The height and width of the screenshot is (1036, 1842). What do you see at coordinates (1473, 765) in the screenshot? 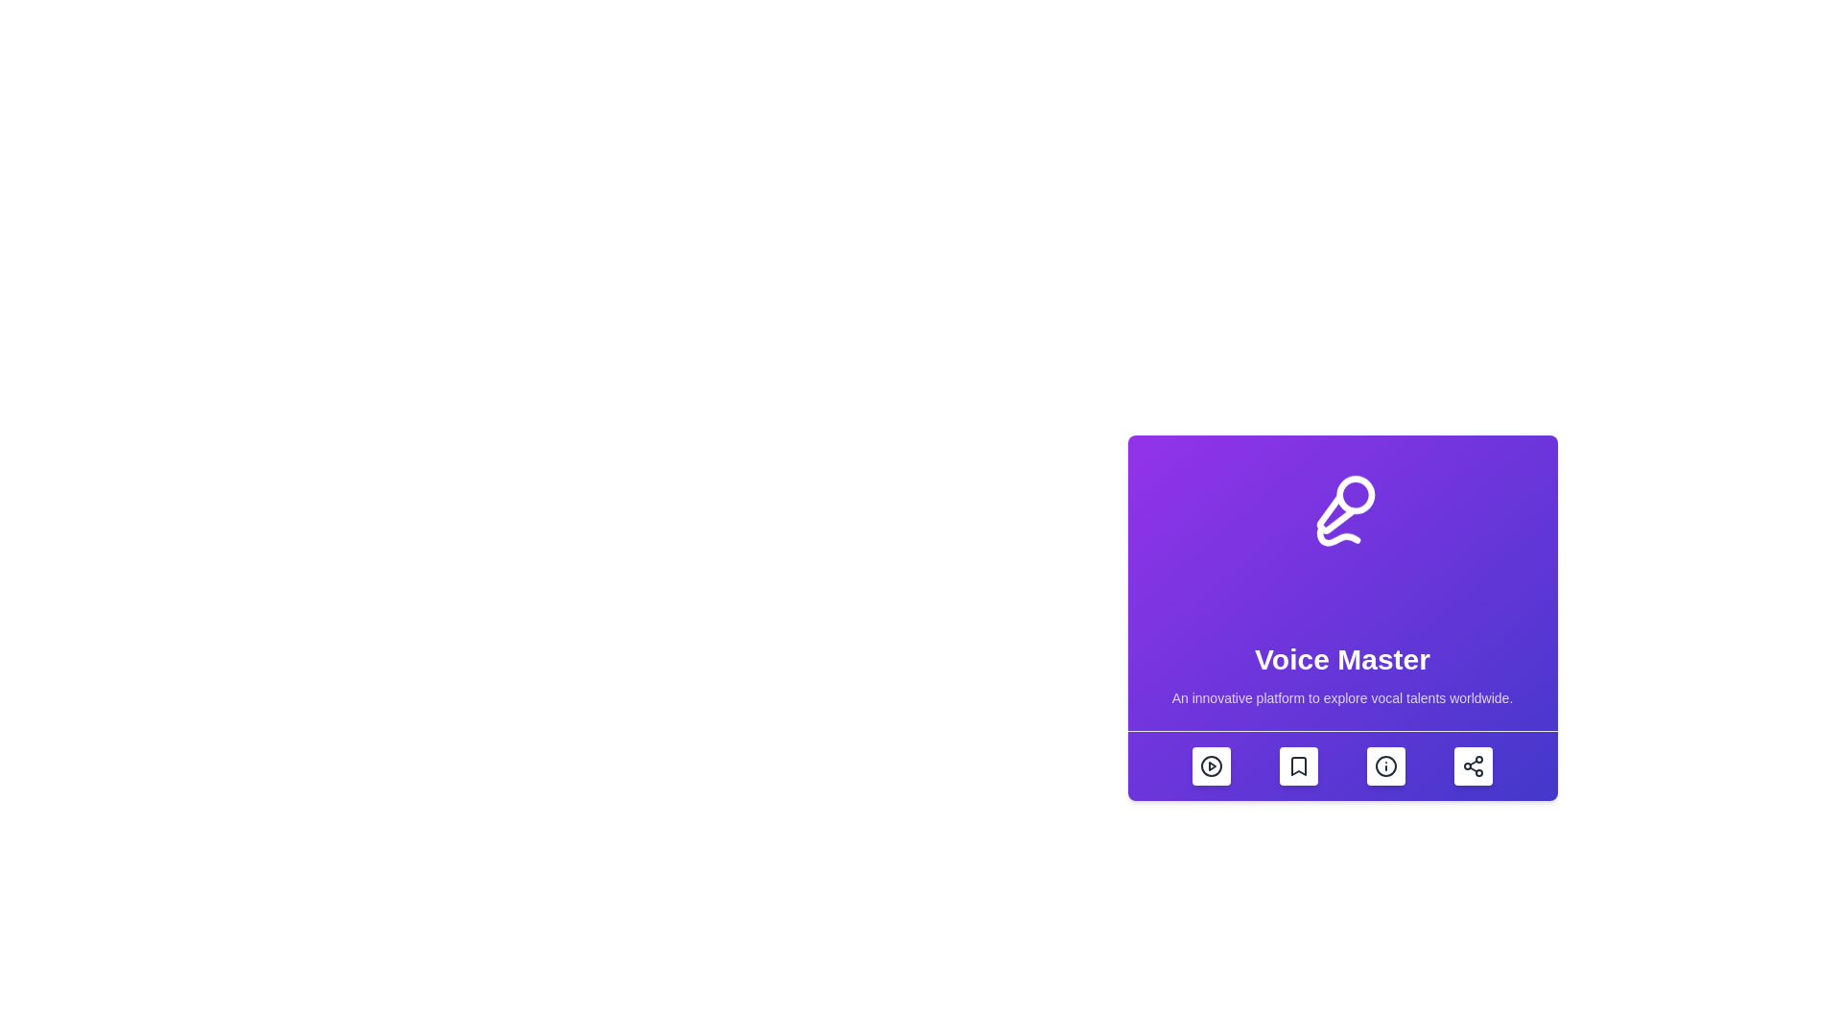
I see `the share icon button, which is styled with lines forming a share symbol and located at the bottom of the purple card section` at bounding box center [1473, 765].